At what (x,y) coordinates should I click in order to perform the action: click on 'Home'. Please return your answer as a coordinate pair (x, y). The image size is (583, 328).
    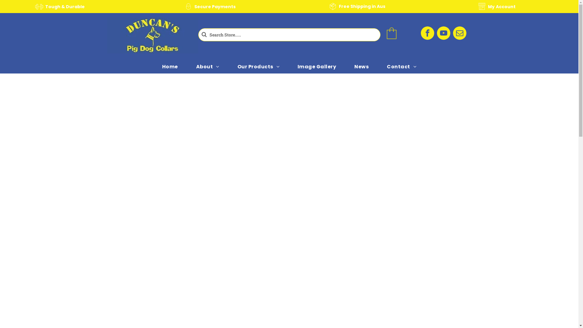
    Looking at the image, I should click on (153, 67).